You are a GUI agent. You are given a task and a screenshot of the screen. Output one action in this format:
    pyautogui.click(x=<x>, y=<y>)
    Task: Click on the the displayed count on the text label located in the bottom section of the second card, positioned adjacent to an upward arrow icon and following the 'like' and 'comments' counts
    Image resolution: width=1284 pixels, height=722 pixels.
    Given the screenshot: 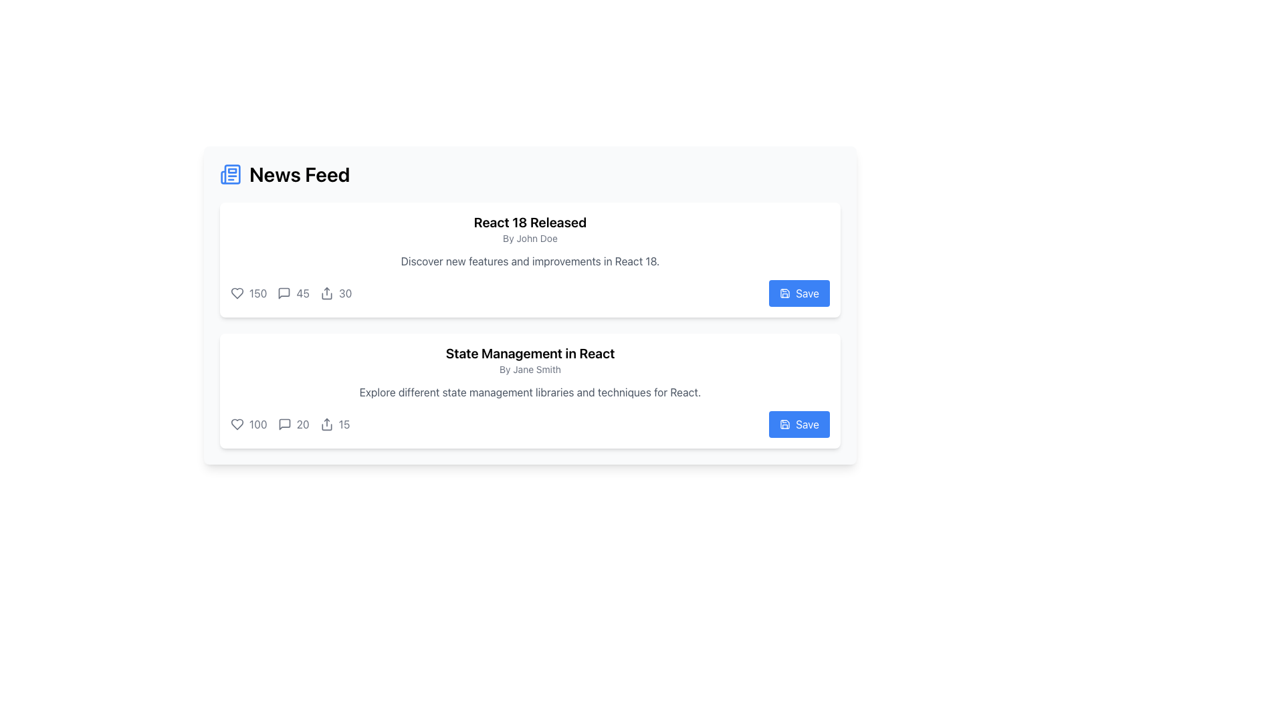 What is the action you would take?
    pyautogui.click(x=335, y=425)
    